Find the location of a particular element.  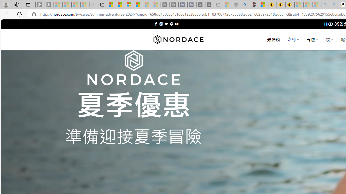

'Nordace' is located at coordinates (178, 39).